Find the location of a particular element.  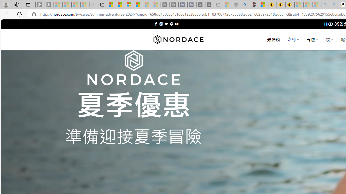

'Nordace' is located at coordinates (178, 39).